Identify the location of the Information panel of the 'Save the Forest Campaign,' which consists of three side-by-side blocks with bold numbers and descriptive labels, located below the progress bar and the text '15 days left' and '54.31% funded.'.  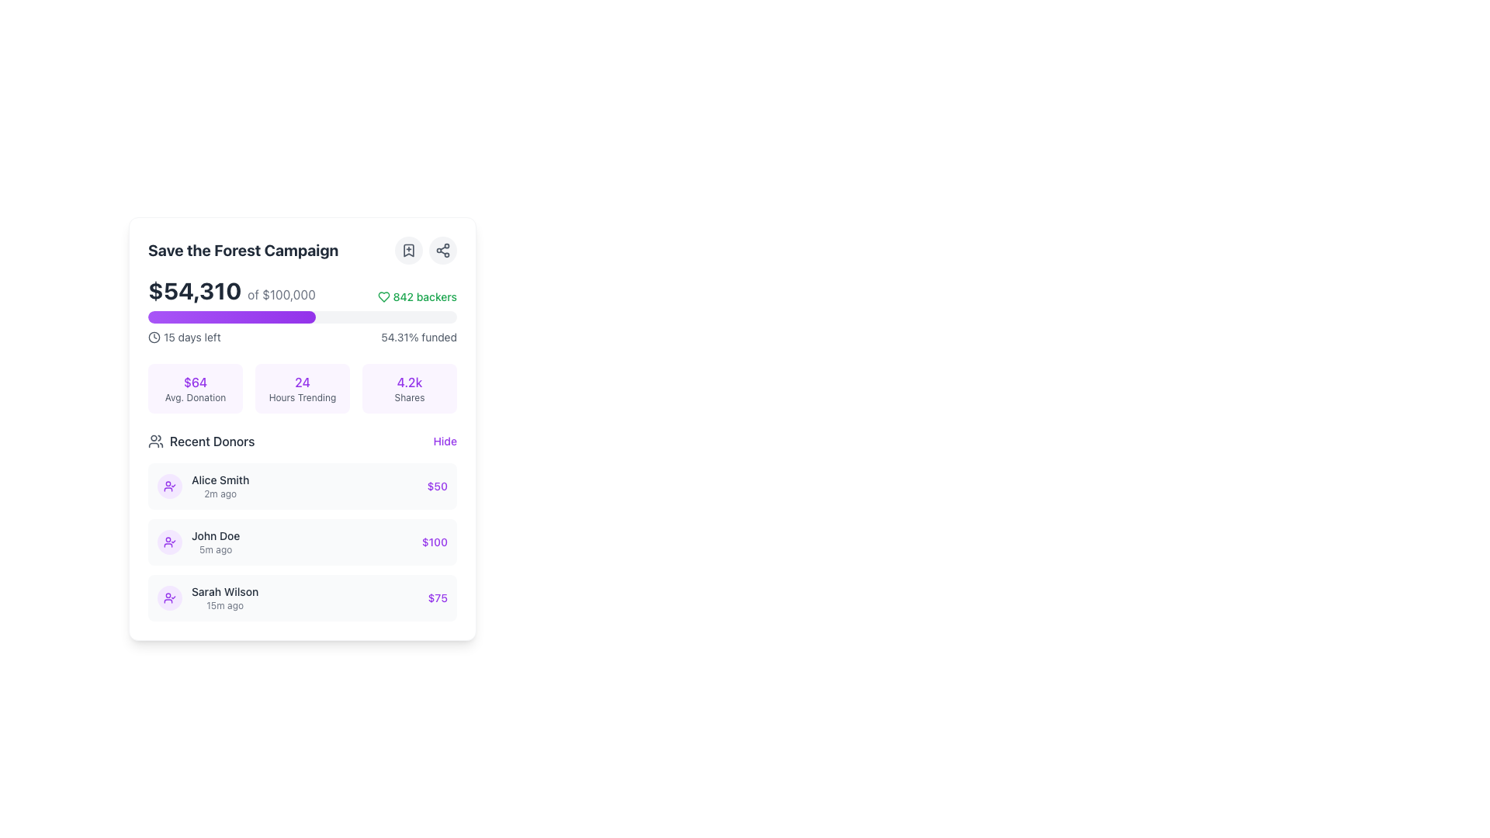
(302, 388).